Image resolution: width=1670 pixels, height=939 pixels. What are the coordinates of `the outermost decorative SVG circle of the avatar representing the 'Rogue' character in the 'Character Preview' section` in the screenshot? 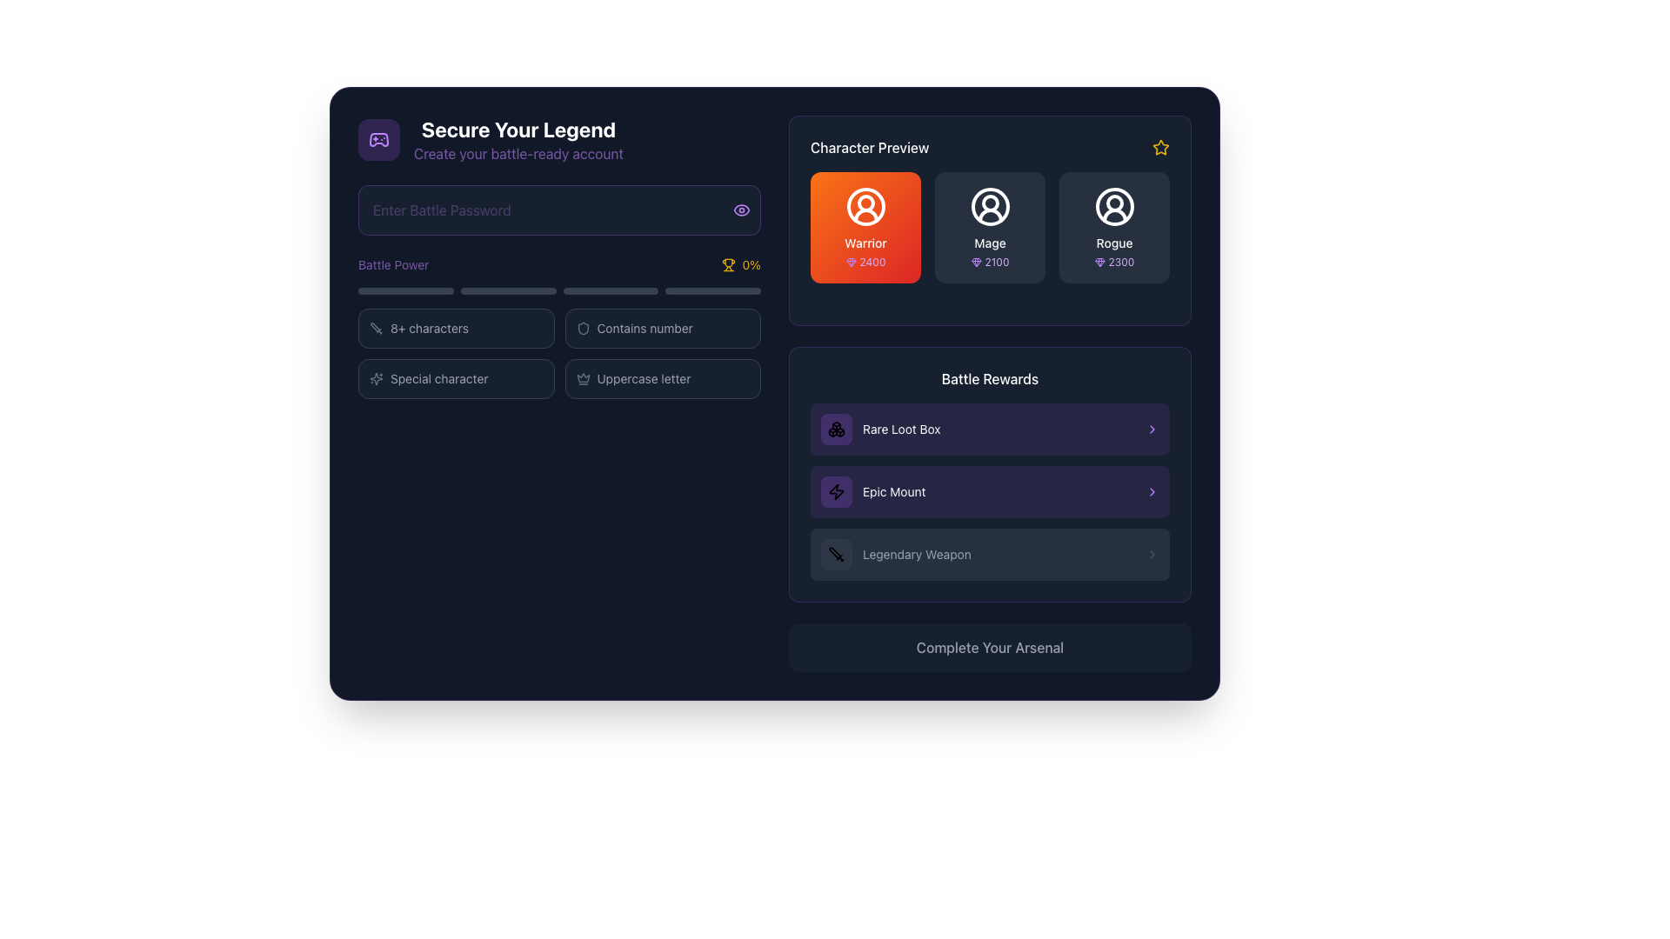 It's located at (1114, 206).